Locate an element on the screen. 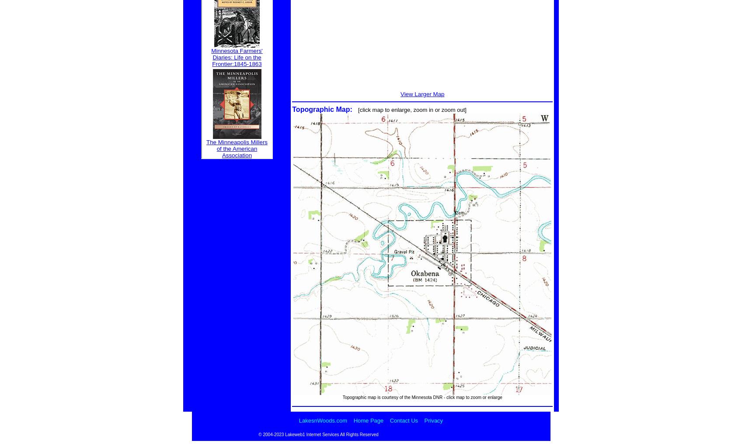 The height and width of the screenshot is (444, 742). '[click map to enlarge, zoom 
		in or zoom out]' is located at coordinates (412, 110).